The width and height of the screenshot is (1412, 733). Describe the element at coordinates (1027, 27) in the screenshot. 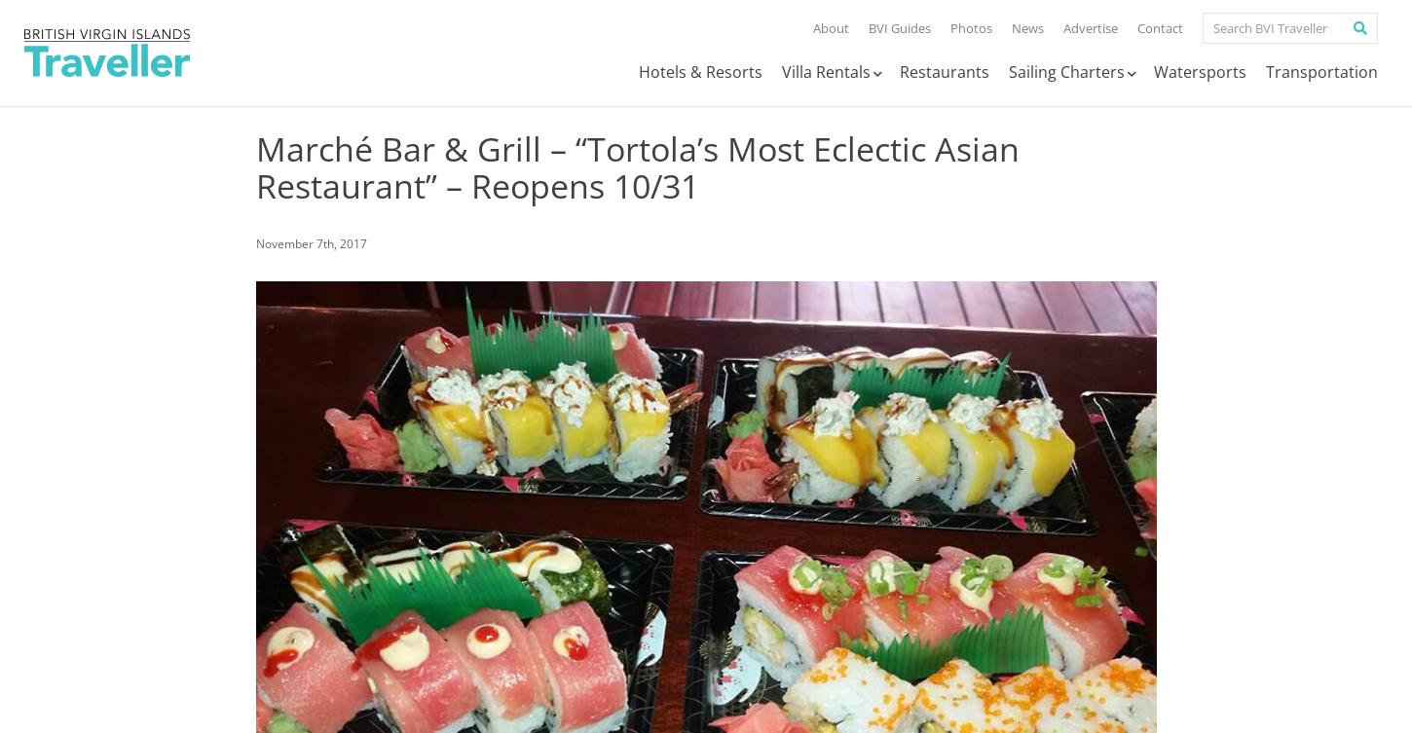

I see `'News'` at that location.